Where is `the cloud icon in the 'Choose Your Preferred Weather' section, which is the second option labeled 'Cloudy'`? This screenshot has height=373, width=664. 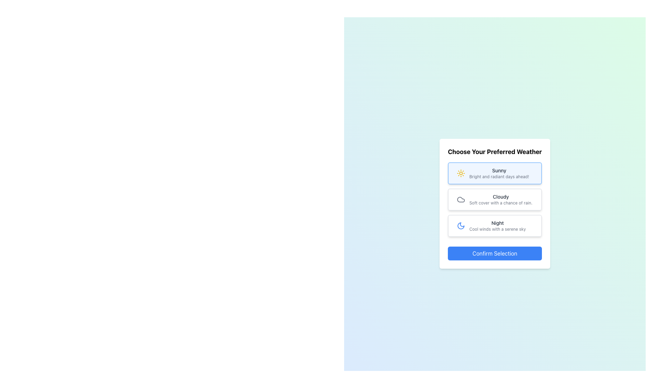
the cloud icon in the 'Choose Your Preferred Weather' section, which is the second option labeled 'Cloudy' is located at coordinates (461, 200).